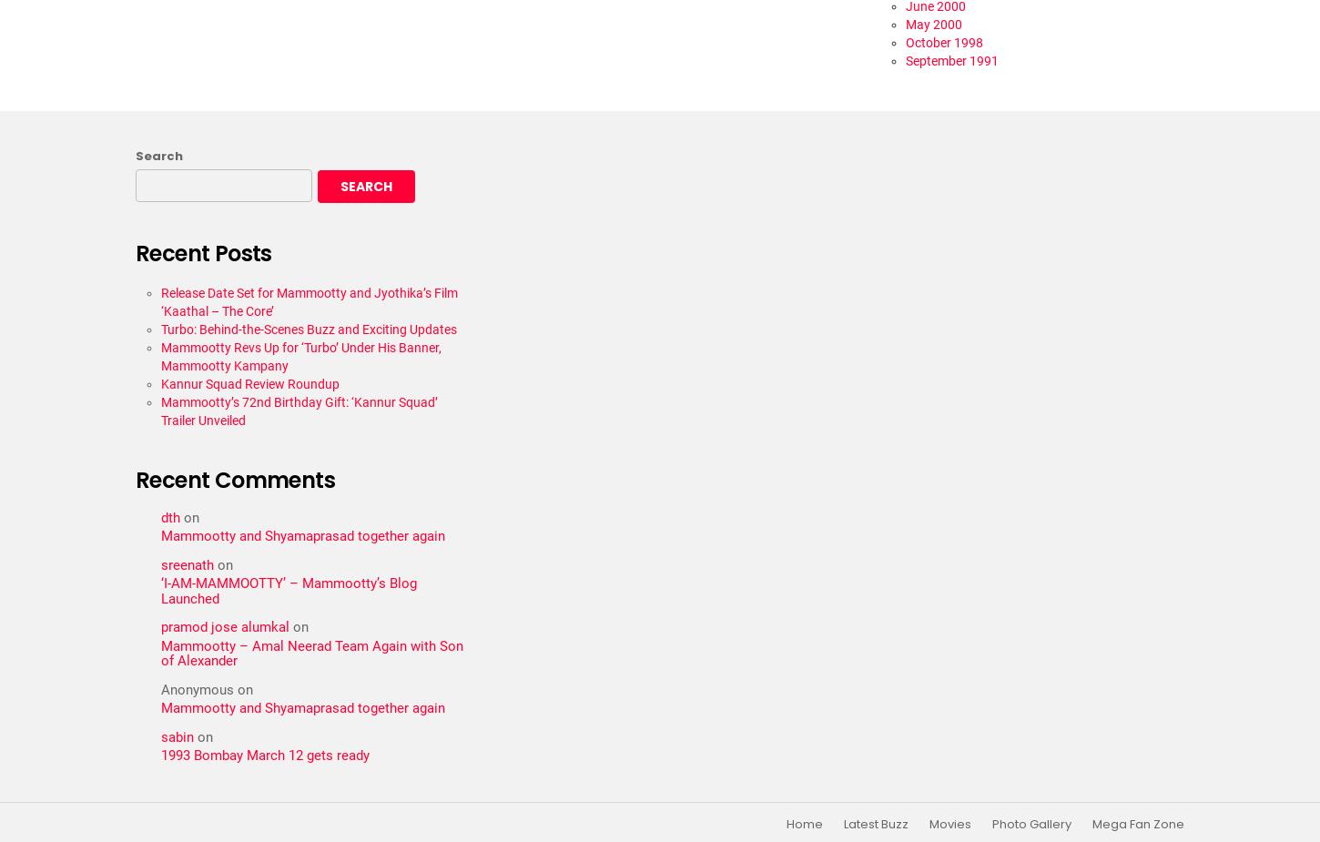 Image resolution: width=1320 pixels, height=842 pixels. What do you see at coordinates (312, 653) in the screenshot?
I see `'Mammootty – Amal Neerad Team Again with Son of Alexander'` at bounding box center [312, 653].